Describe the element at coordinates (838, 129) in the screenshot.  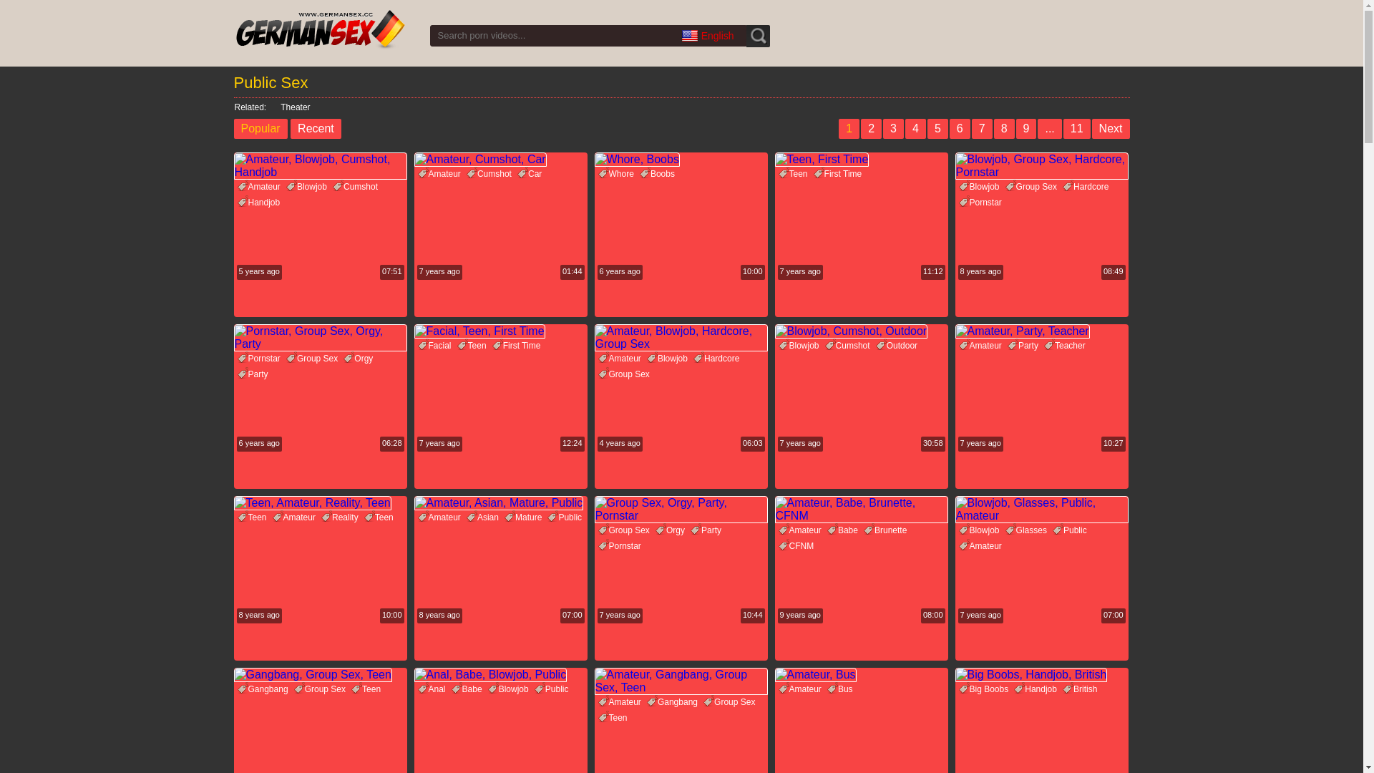
I see `'1'` at that location.